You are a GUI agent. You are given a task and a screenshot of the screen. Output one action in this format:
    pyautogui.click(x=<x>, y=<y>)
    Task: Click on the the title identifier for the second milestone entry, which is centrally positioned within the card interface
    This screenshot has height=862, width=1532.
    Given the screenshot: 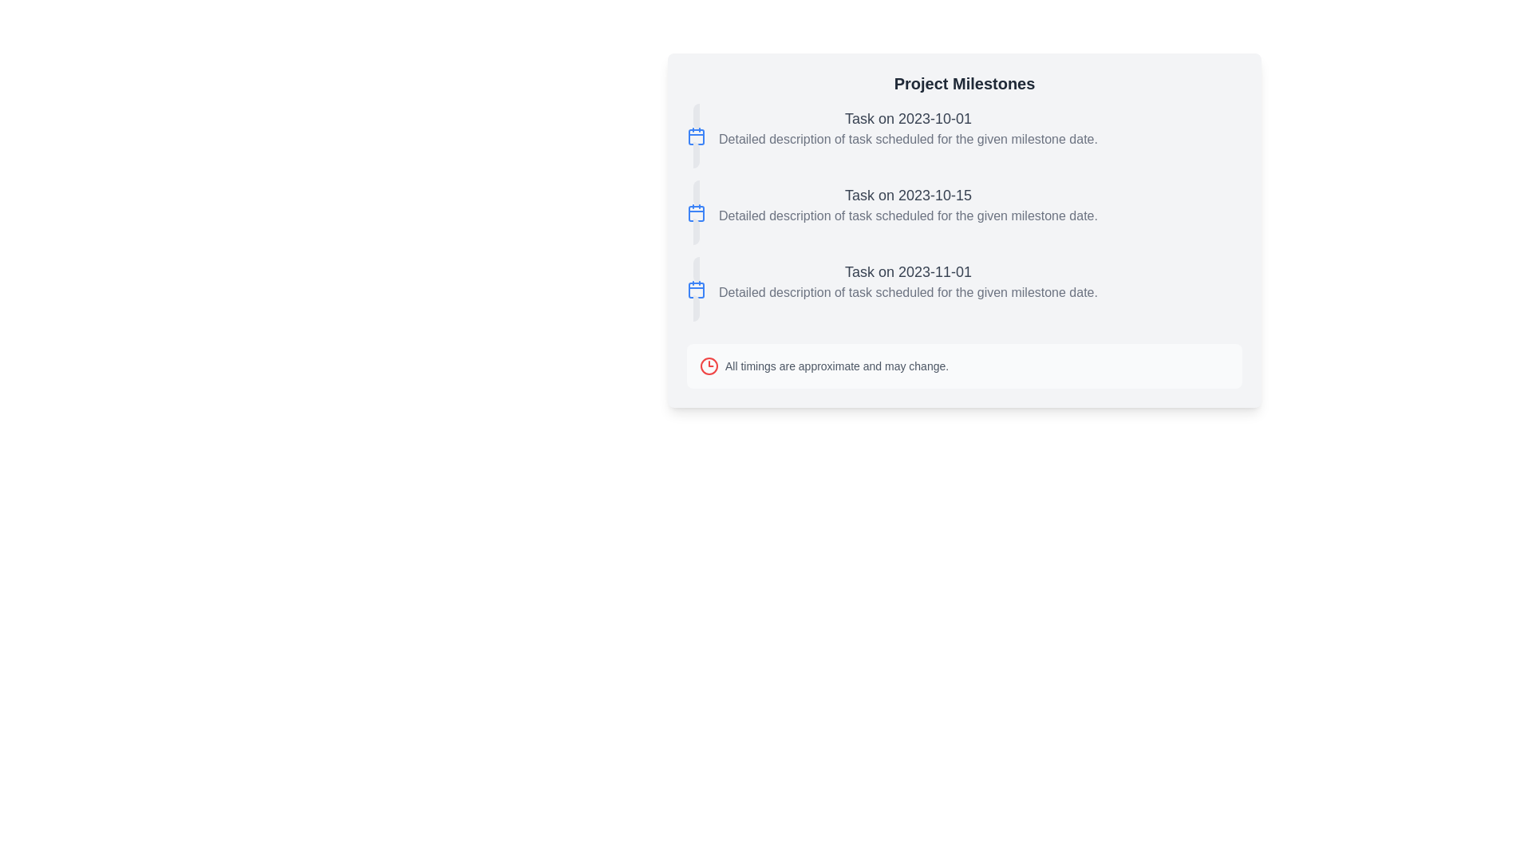 What is the action you would take?
    pyautogui.click(x=908, y=195)
    